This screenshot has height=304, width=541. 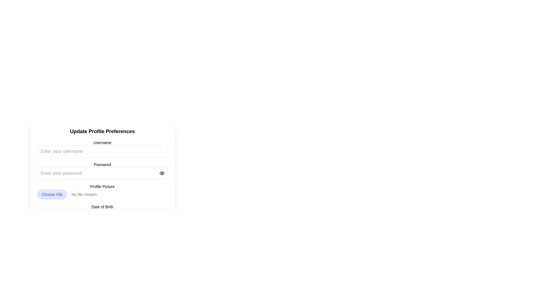 I want to click on the 'Password' label to focus on the associated password input field below it, so click(x=102, y=165).